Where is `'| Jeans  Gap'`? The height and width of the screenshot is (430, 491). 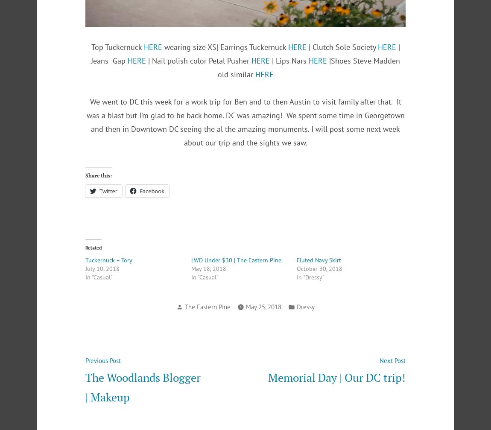 '| Jeans  Gap' is located at coordinates (245, 53).